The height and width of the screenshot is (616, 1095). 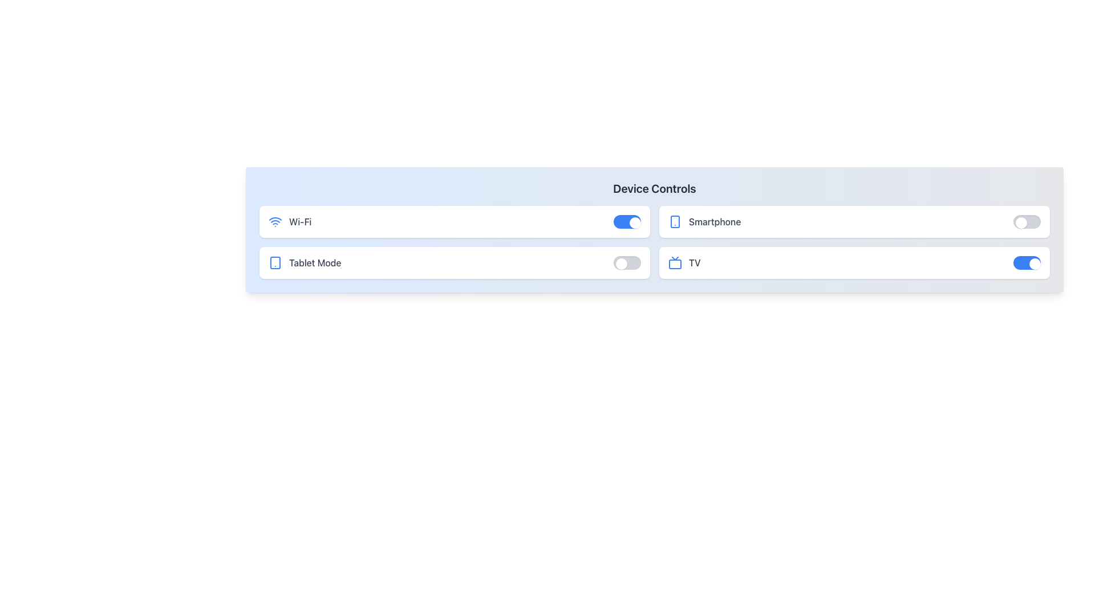 What do you see at coordinates (626, 263) in the screenshot?
I see `the toggle switch styled as a horizontal pill-shaped button located on the right side of the 'Tablet Mode' row` at bounding box center [626, 263].